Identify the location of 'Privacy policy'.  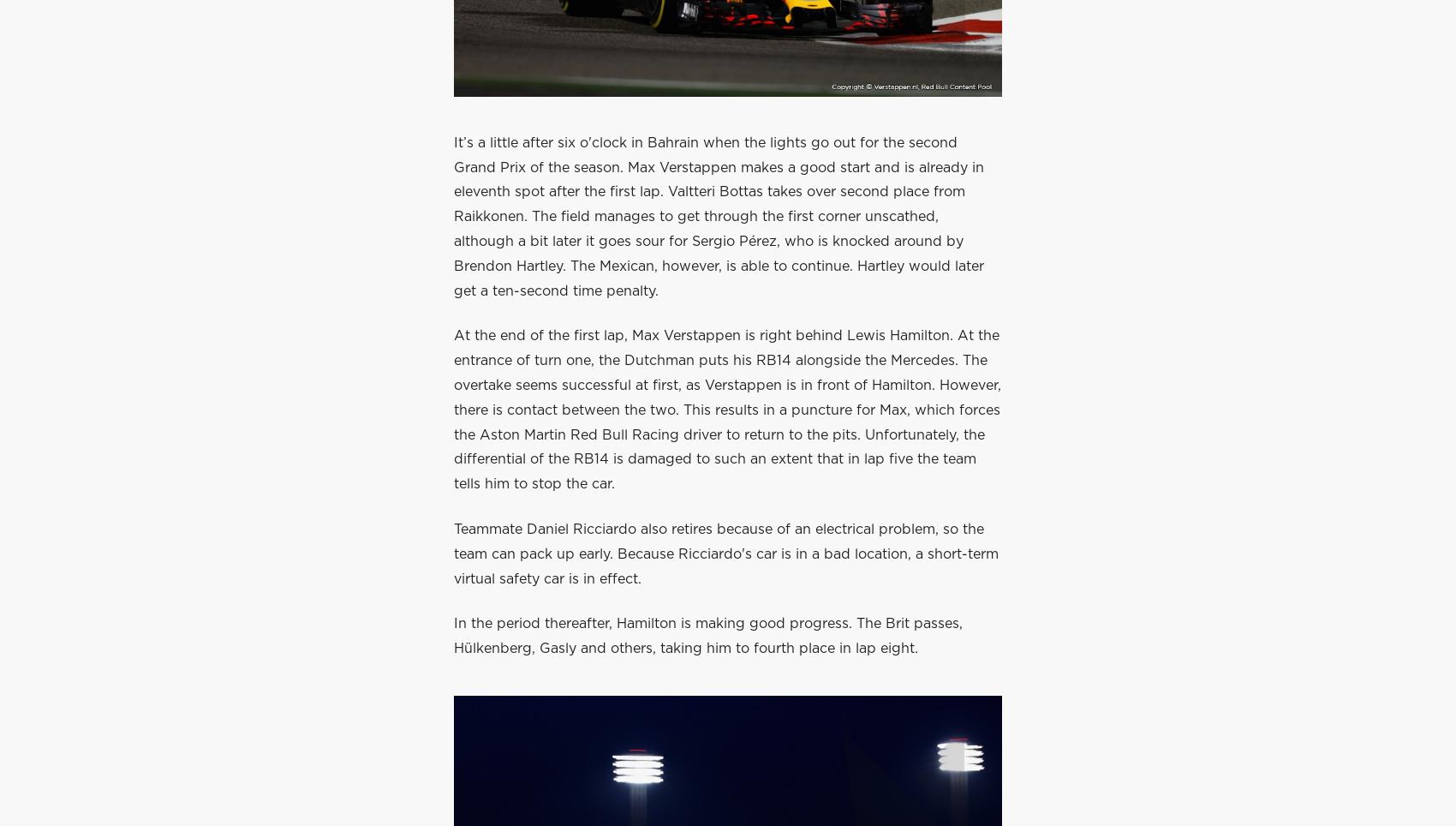
(269, 224).